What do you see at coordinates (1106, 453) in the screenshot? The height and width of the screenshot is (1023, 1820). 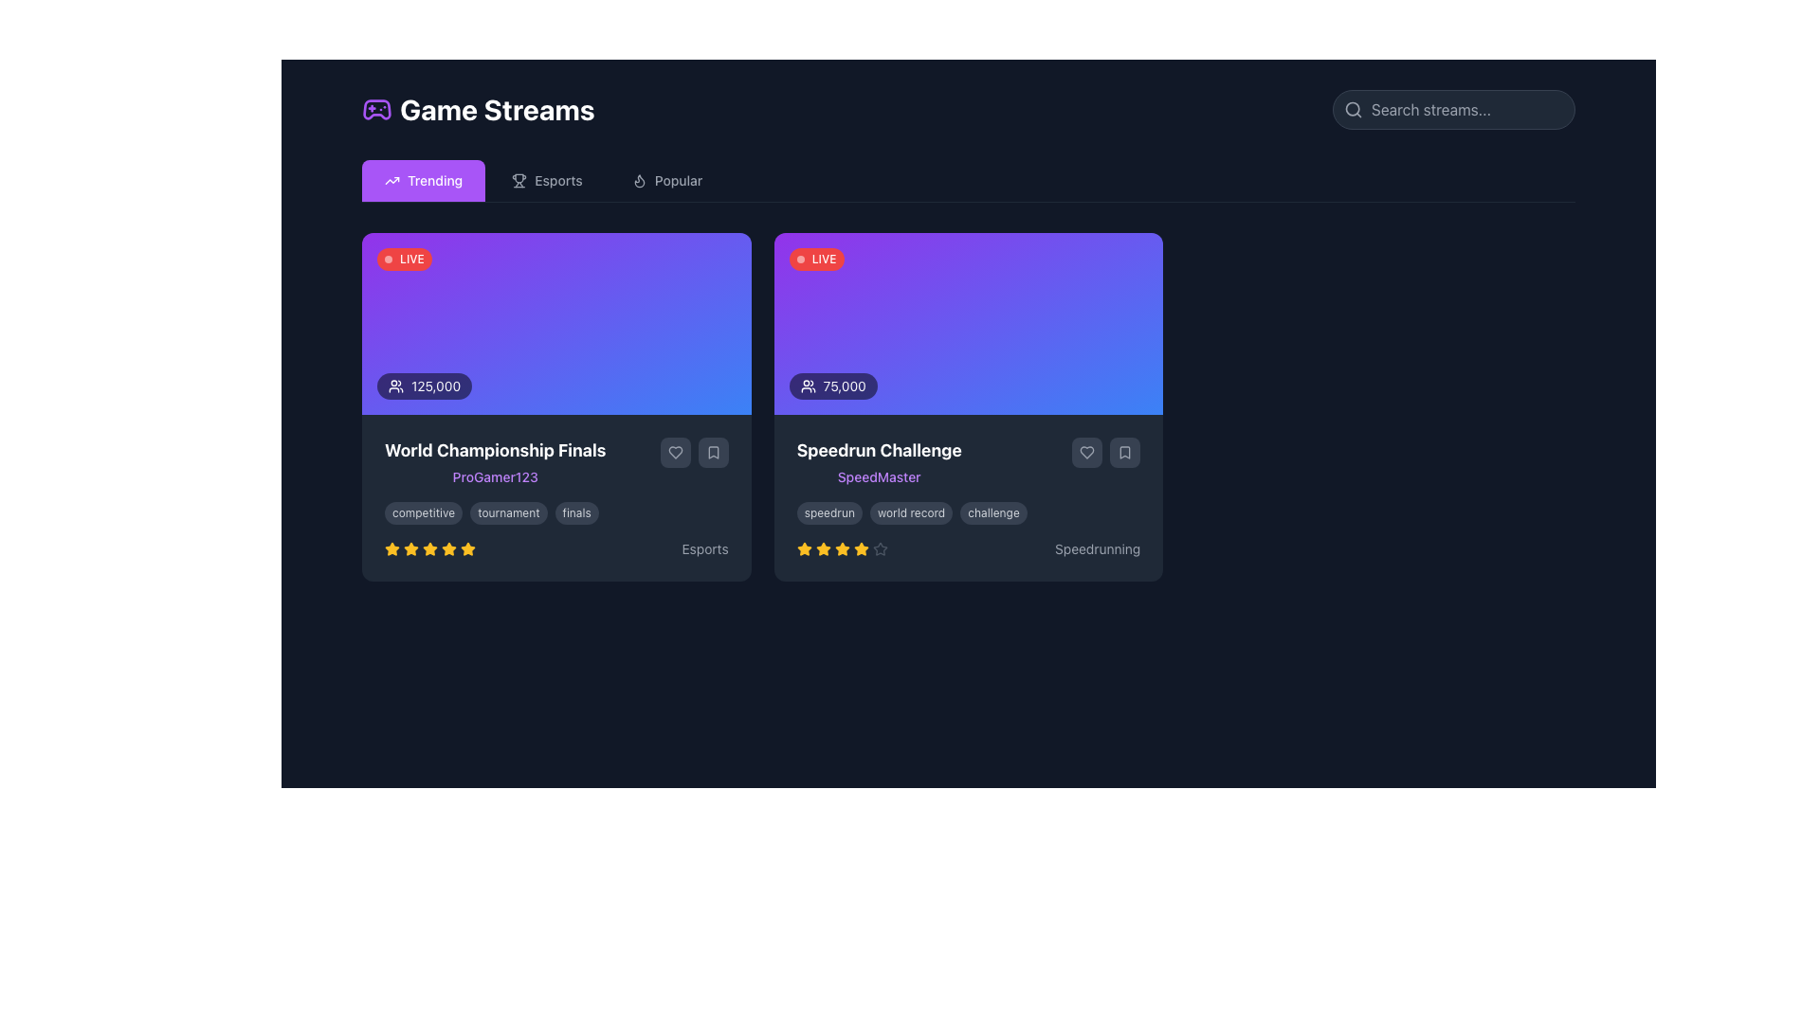 I see `the heart icon in the Interactive button group located within the 'Speedrun Challenge' card on the right side, below the 'SpeedMaster' text` at bounding box center [1106, 453].